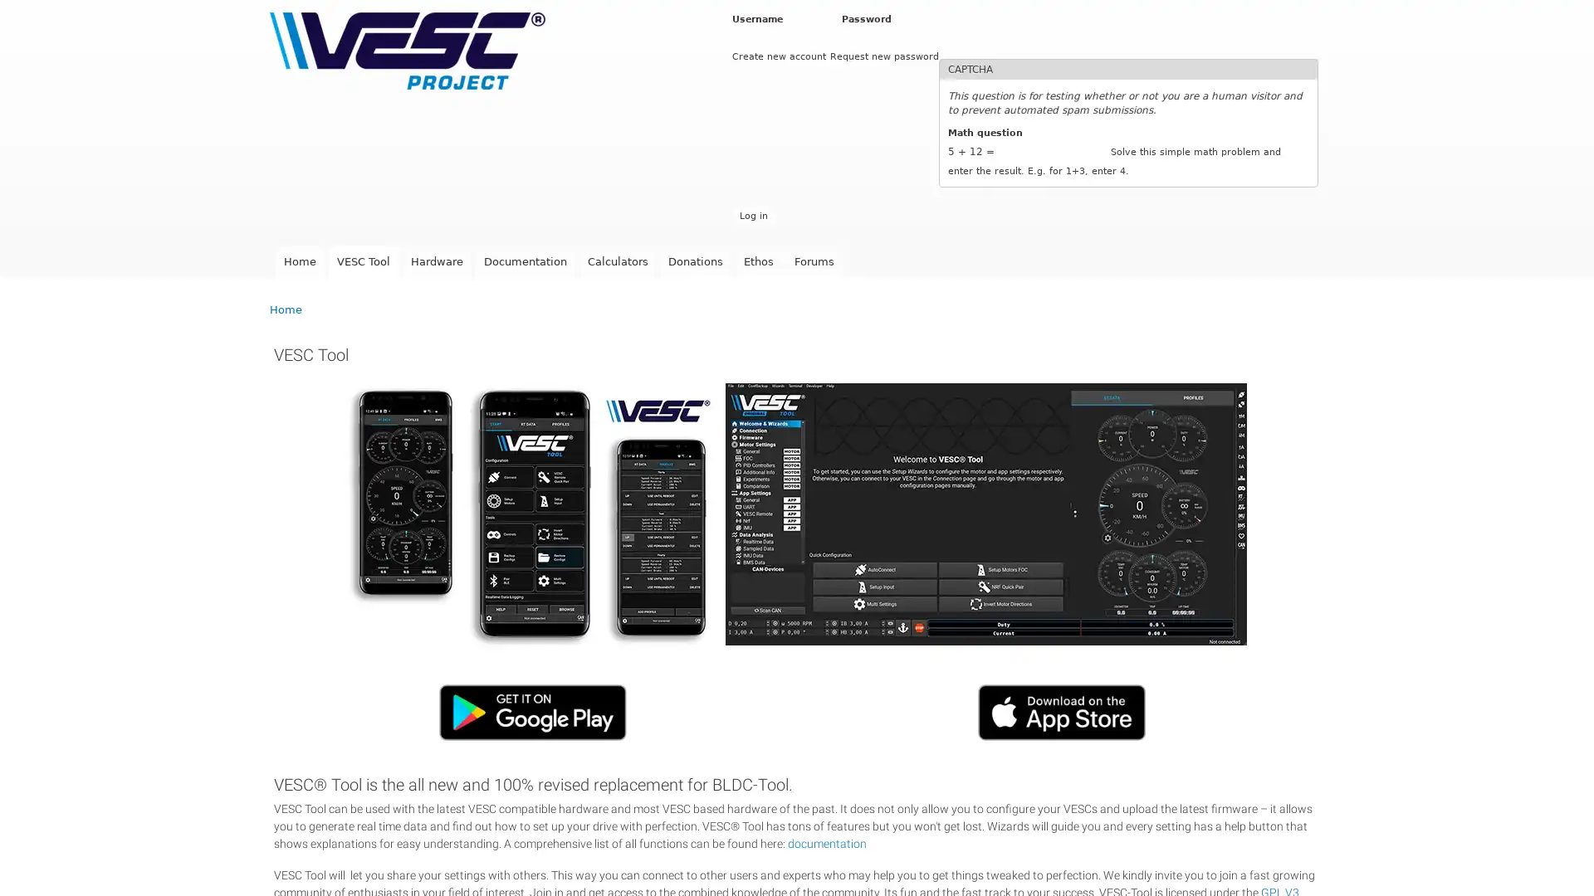  Describe the element at coordinates (752, 215) in the screenshot. I see `Log in` at that location.